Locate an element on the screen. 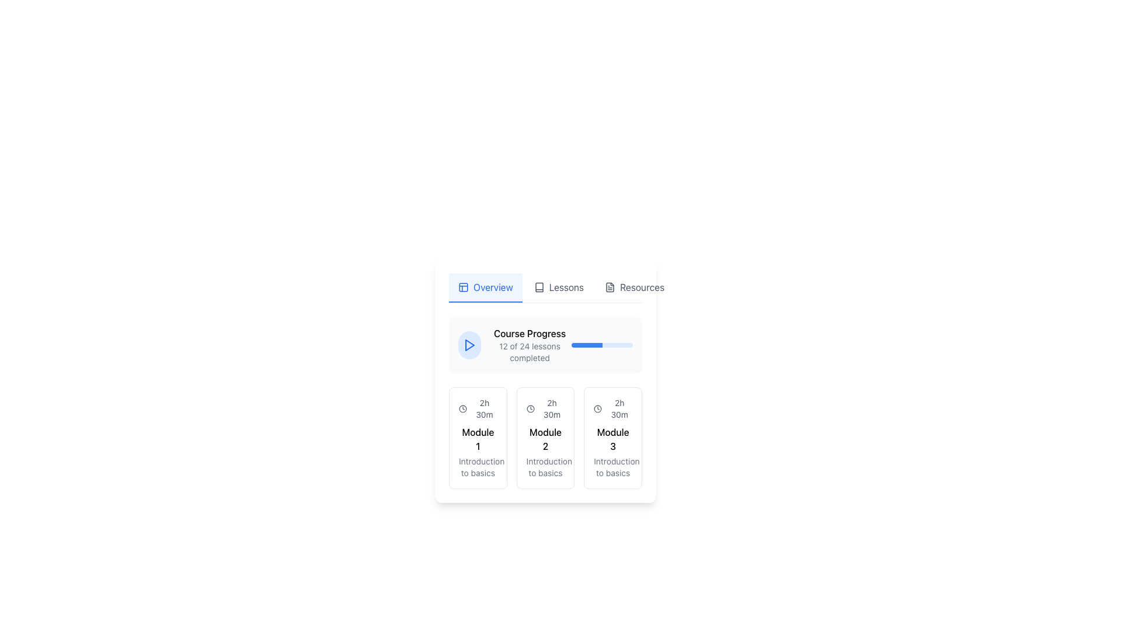 The width and height of the screenshot is (1121, 631). the play button icon located prominently to the left side of the 'Course Progress' section at the top of a vertical list in the center of the interface is located at coordinates (469, 344).